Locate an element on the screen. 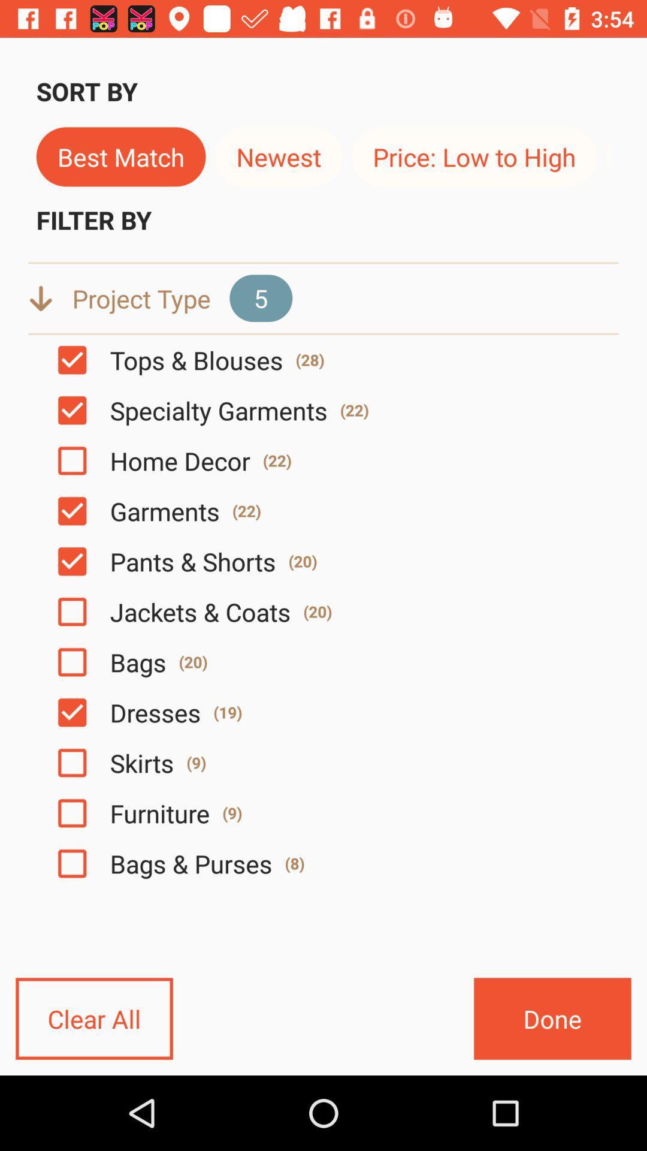 This screenshot has height=1151, width=647. the check box which has the text pants  shorts 20 is located at coordinates (72, 561).